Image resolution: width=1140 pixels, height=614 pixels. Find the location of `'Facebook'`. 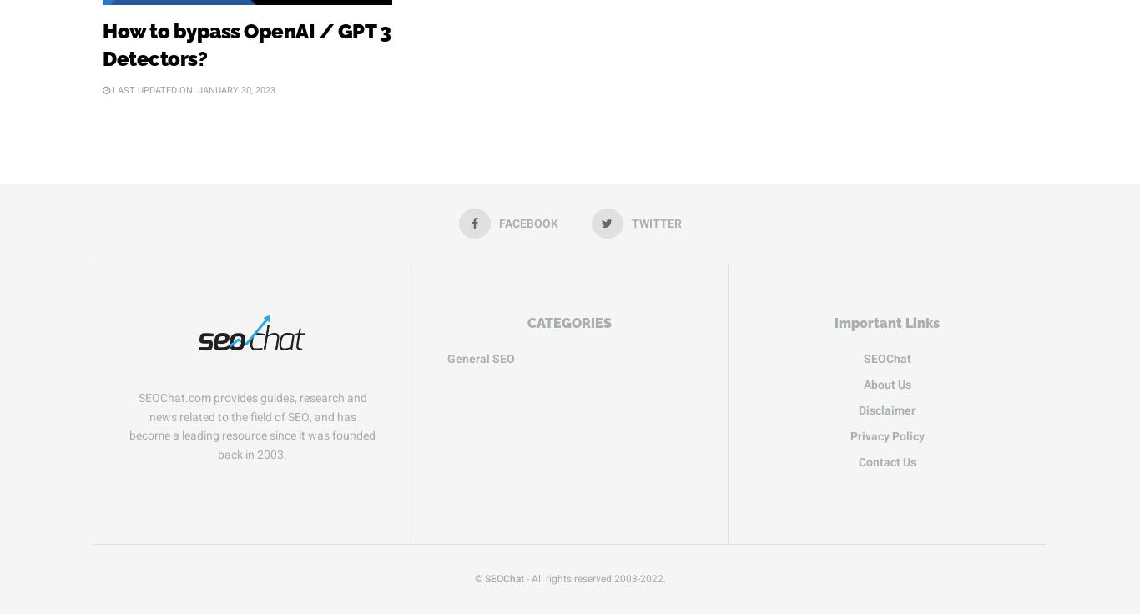

'Facebook' is located at coordinates (527, 224).